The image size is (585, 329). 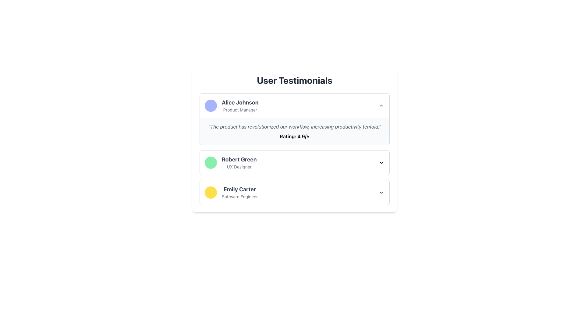 What do you see at coordinates (381, 162) in the screenshot?
I see `the Dropdown toggle icon` at bounding box center [381, 162].